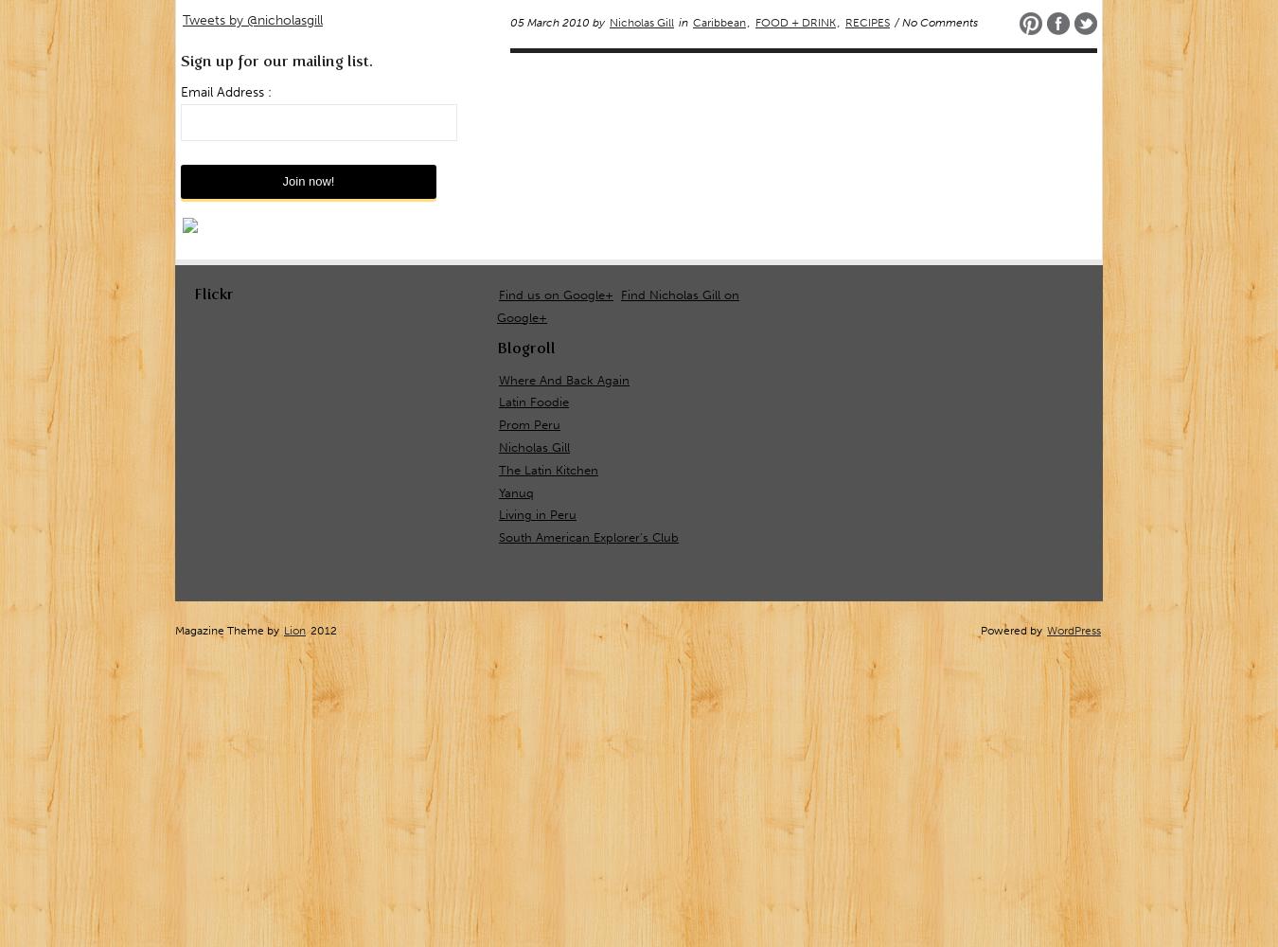 Image resolution: width=1278 pixels, height=947 pixels. What do you see at coordinates (252, 19) in the screenshot?
I see `'Tweets by @nicholasgill'` at bounding box center [252, 19].